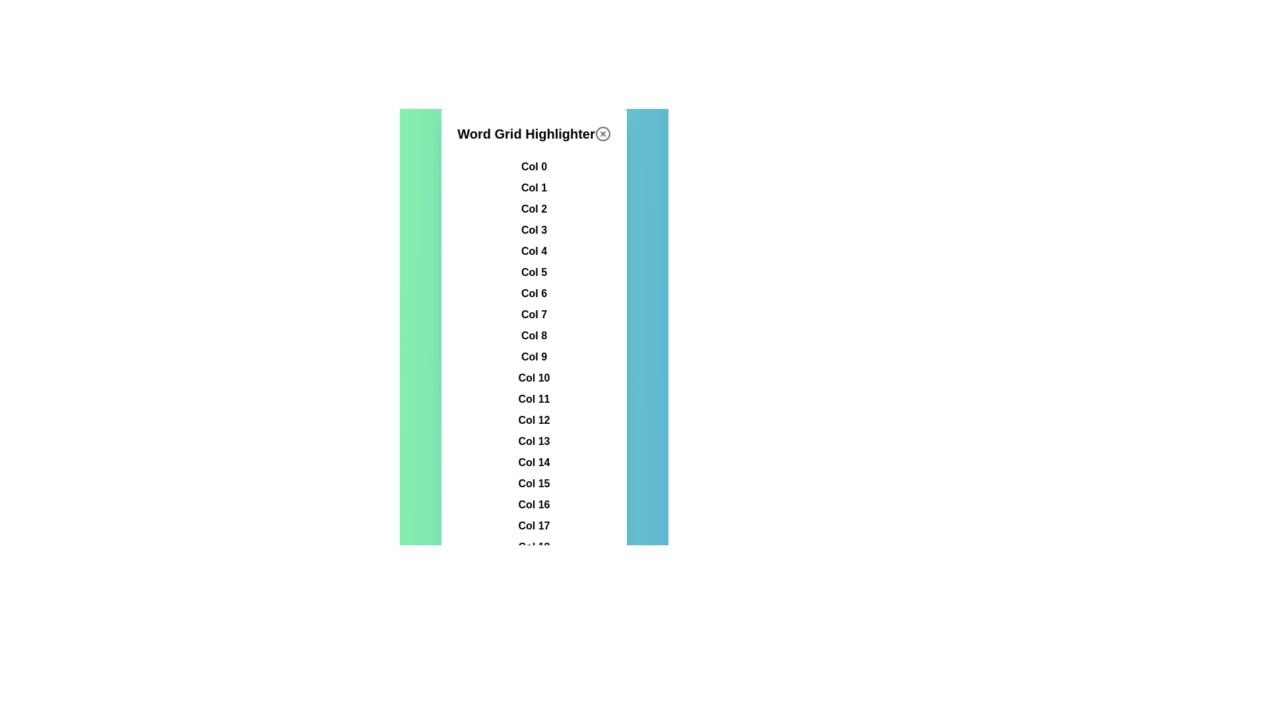 The width and height of the screenshot is (1267, 713). I want to click on the column header to read its label, so click(534, 166).